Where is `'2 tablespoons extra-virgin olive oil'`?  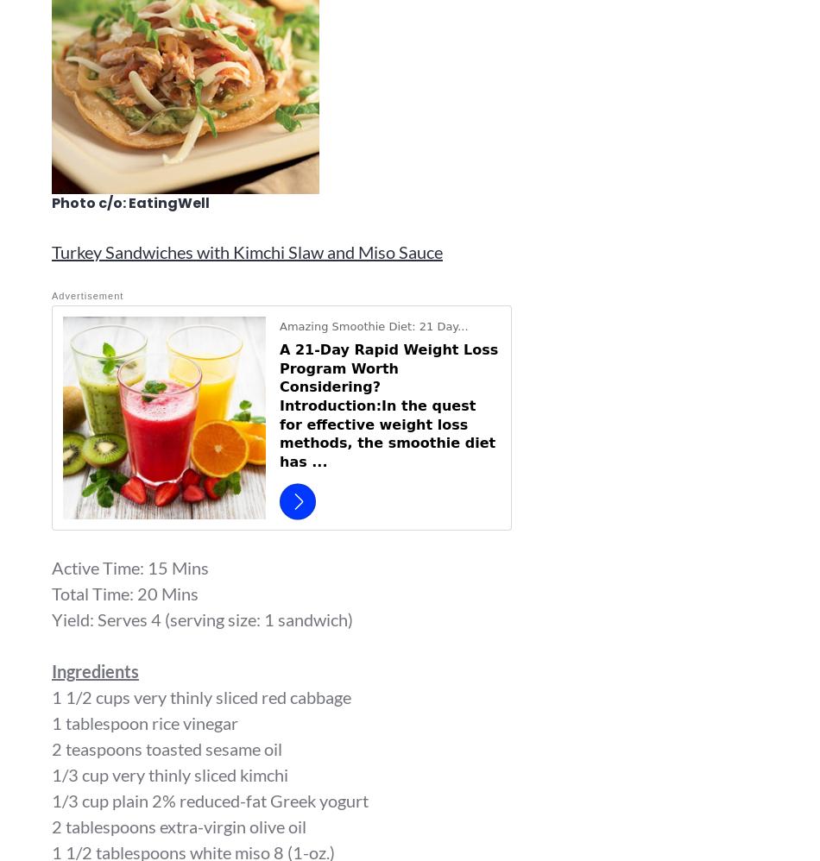
'2 tablespoons extra-virgin olive oil' is located at coordinates (179, 825).